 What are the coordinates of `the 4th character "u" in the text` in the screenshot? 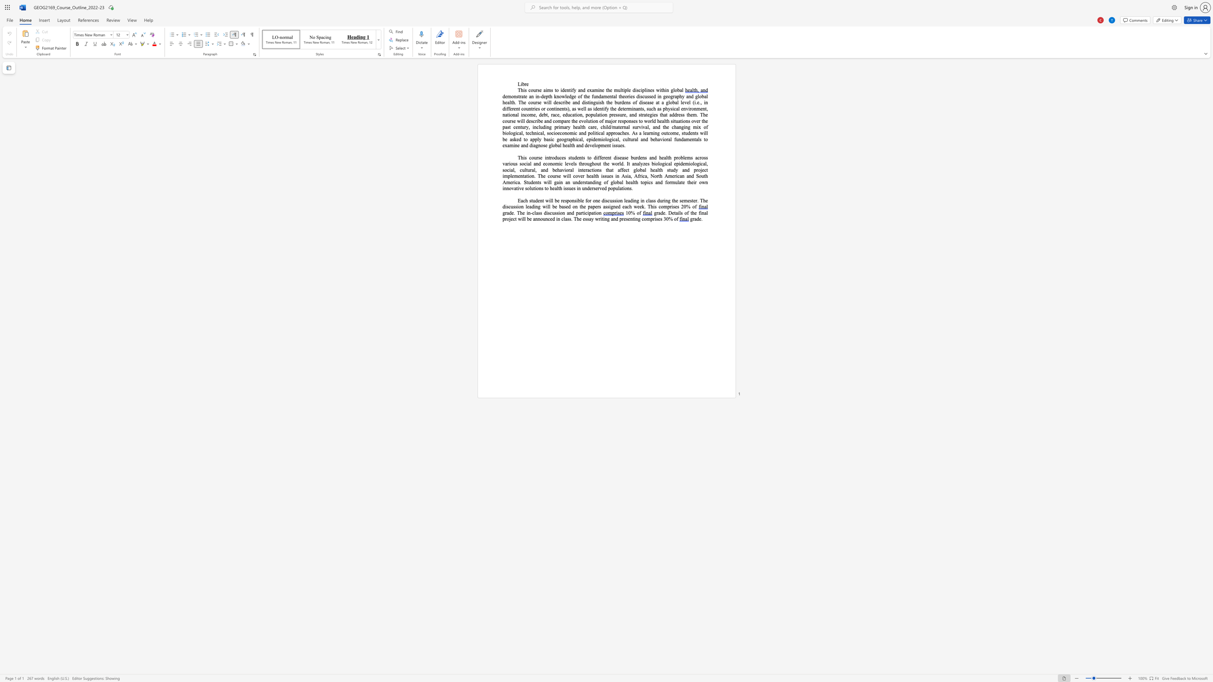 It's located at (597, 102).